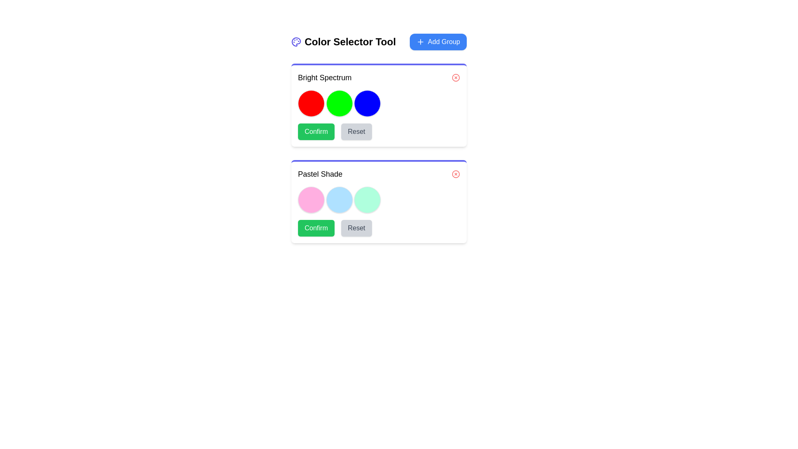  I want to click on text label 'Add Group' located inside the blue rounded rectangle button in the top-right section of the application interface, which is positioned to the right of the plus icon, so click(443, 42).